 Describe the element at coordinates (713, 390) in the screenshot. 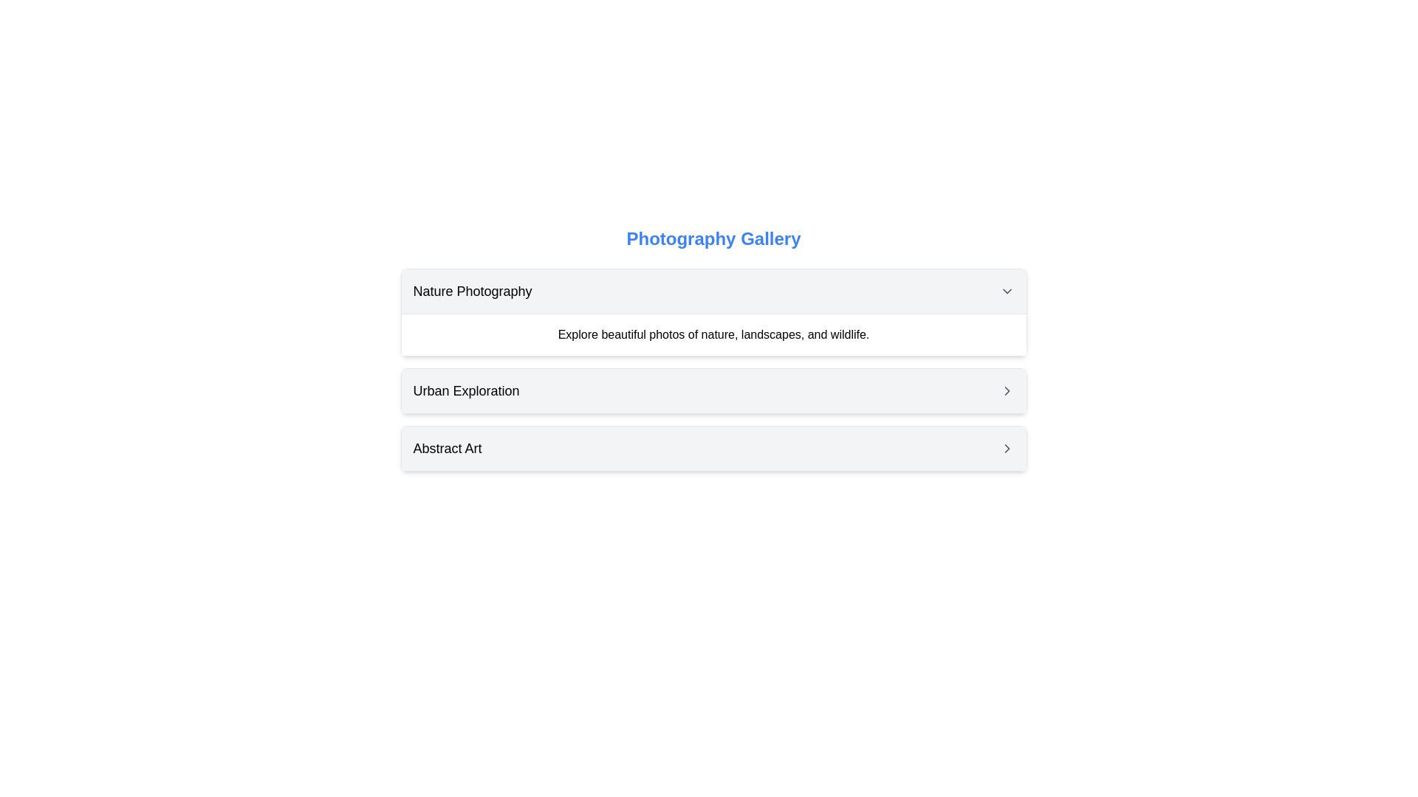

I see `the selectable list item labeled 'Urban Exploration'` at that location.